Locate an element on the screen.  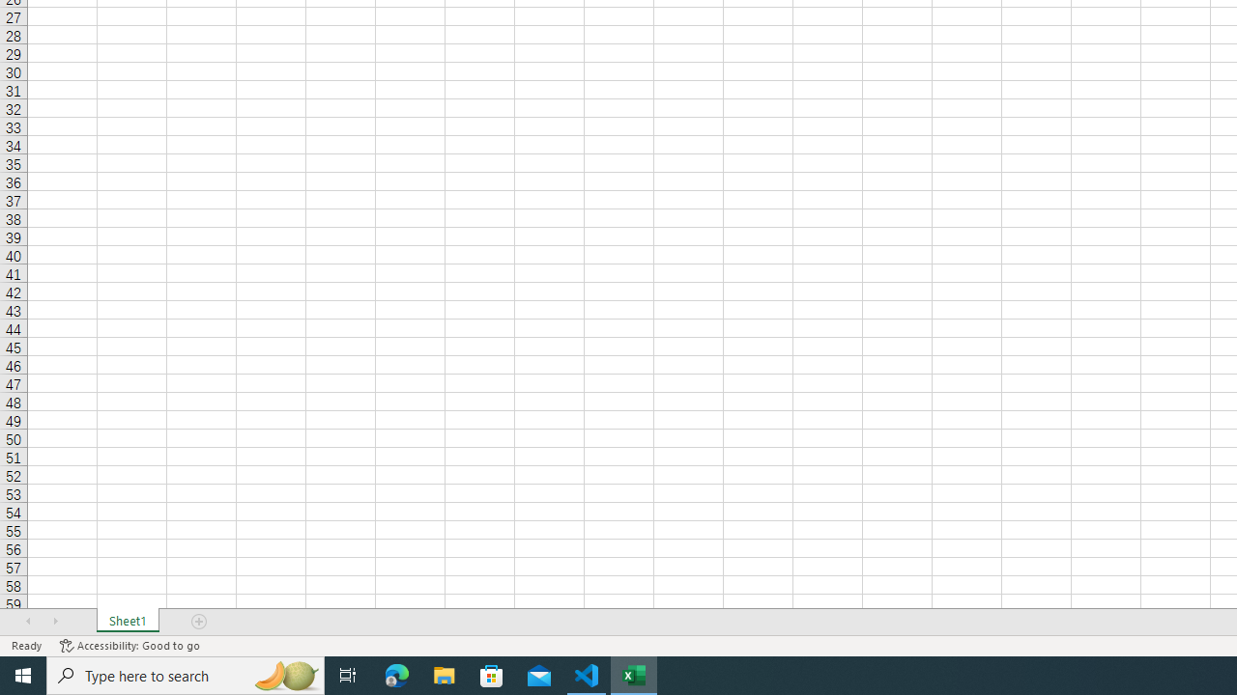
'Start' is located at coordinates (23, 674).